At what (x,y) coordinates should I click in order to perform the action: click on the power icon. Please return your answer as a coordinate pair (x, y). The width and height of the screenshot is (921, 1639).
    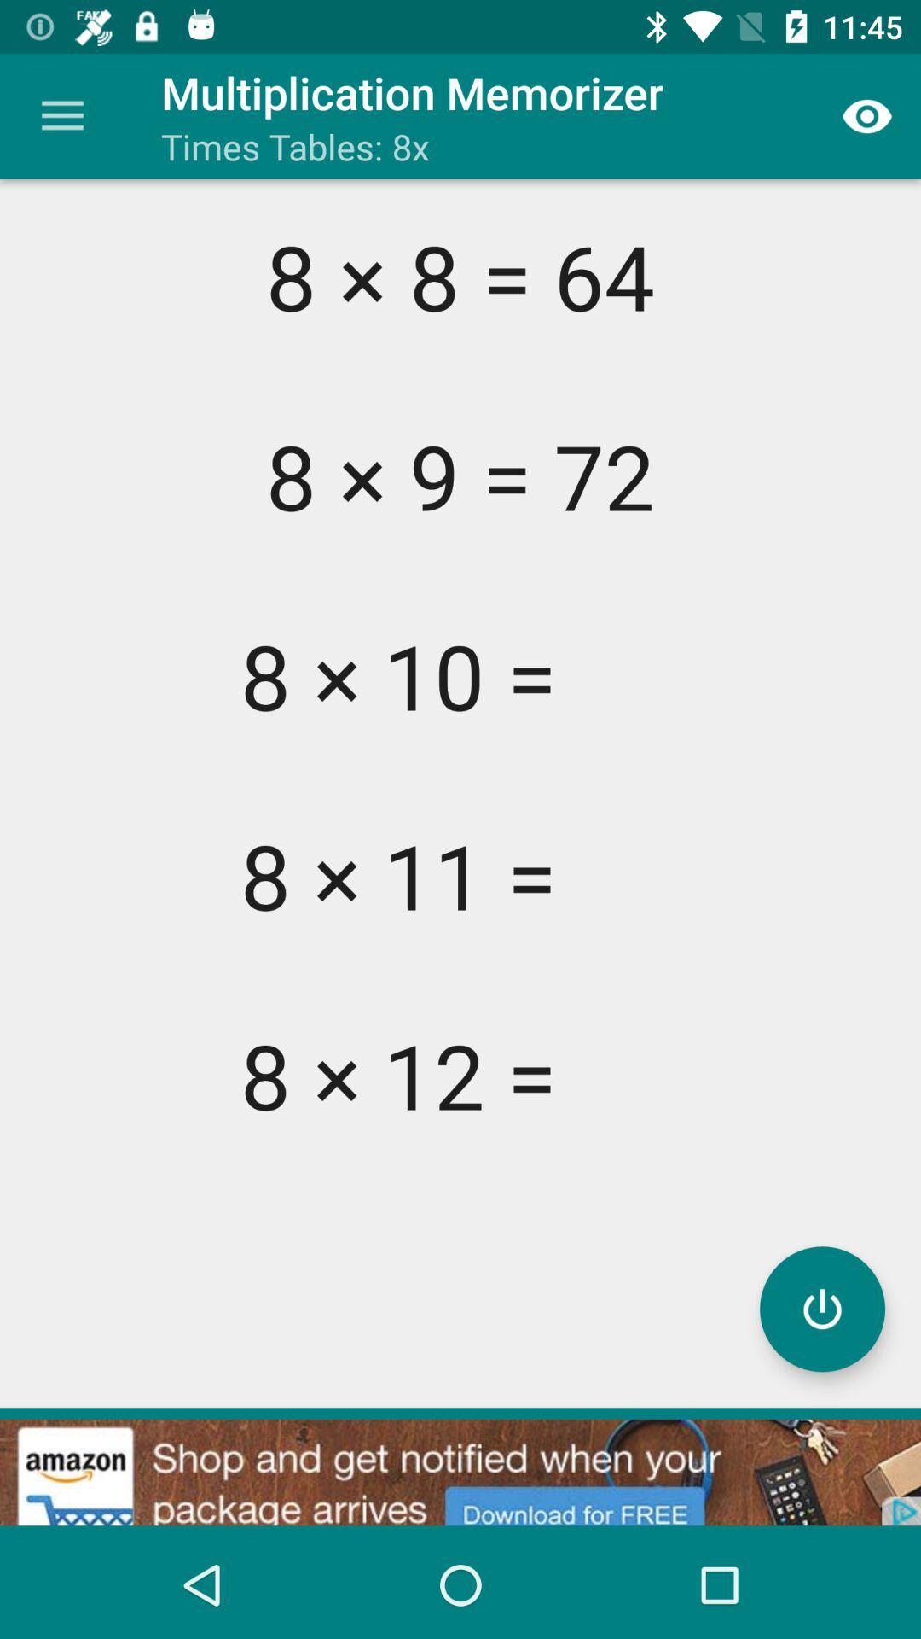
    Looking at the image, I should click on (821, 1308).